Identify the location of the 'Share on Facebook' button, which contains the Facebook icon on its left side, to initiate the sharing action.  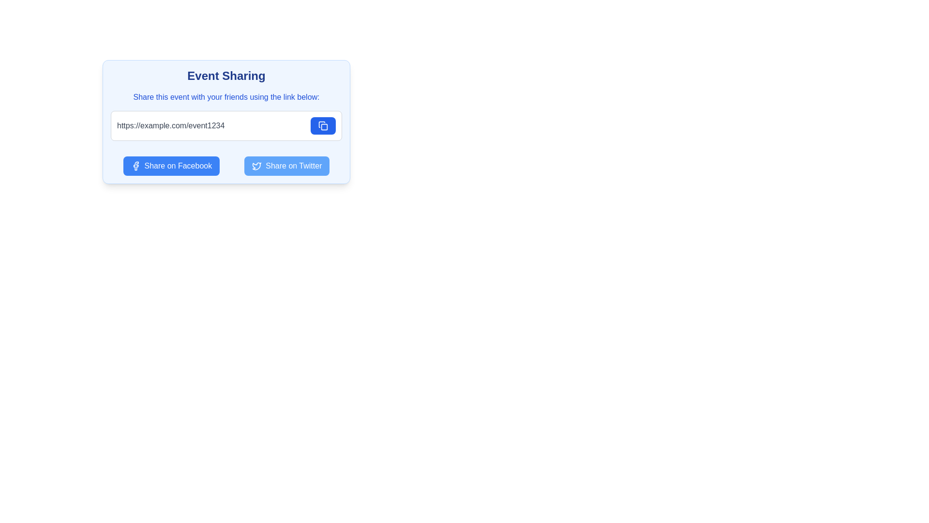
(135, 166).